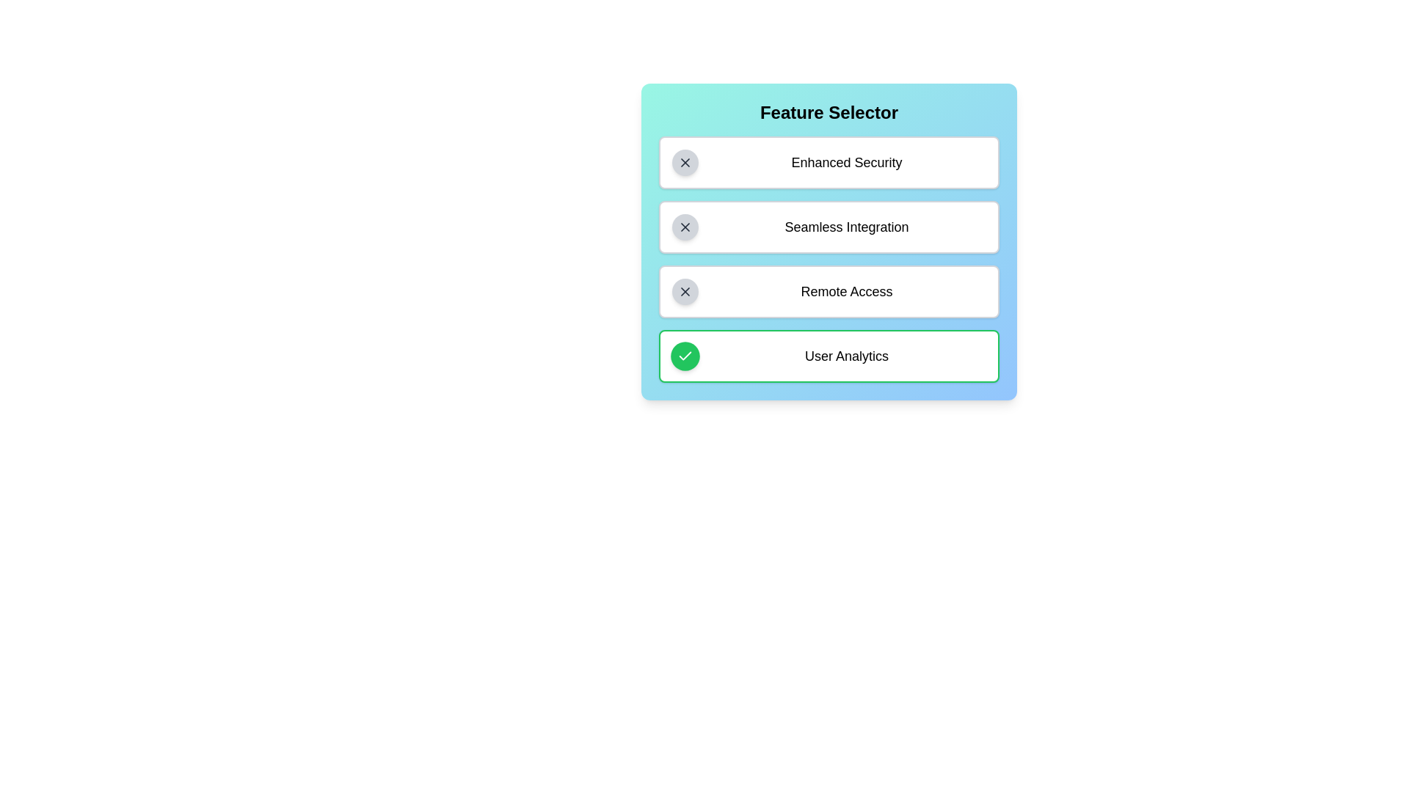  I want to click on the feature Remote Access by clicking its button, so click(685, 291).